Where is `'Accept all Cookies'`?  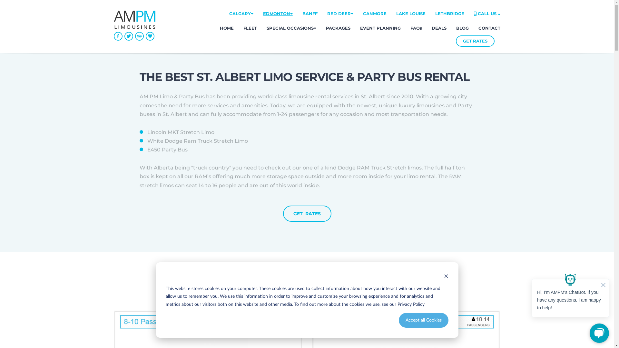 'Accept all Cookies' is located at coordinates (424, 320).